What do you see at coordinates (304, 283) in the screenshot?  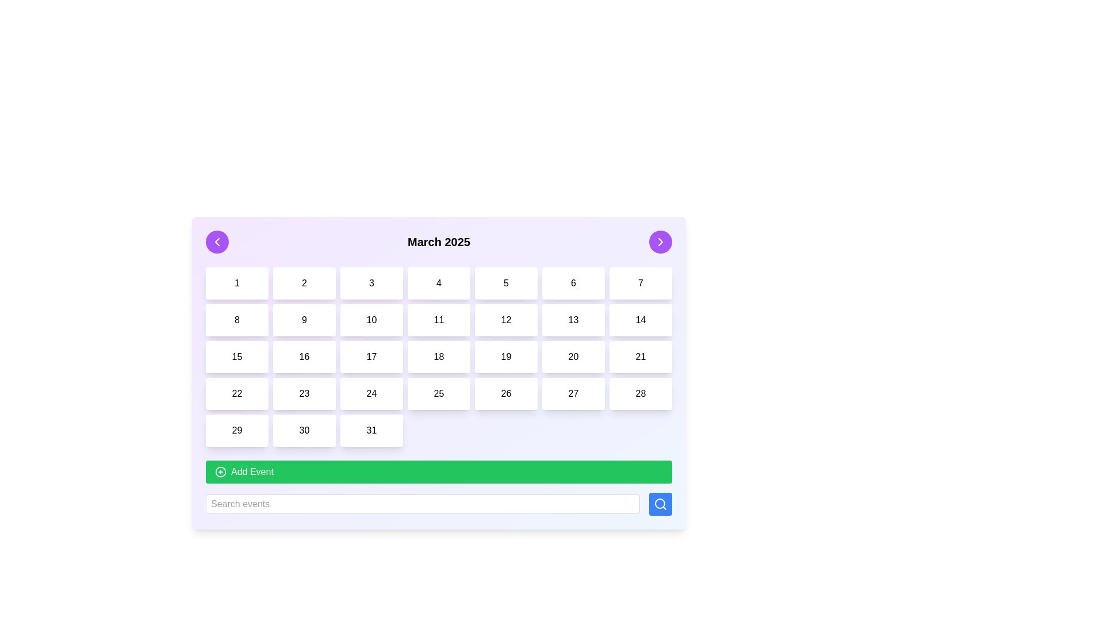 I see `the button representing the 2nd day in the calendar` at bounding box center [304, 283].